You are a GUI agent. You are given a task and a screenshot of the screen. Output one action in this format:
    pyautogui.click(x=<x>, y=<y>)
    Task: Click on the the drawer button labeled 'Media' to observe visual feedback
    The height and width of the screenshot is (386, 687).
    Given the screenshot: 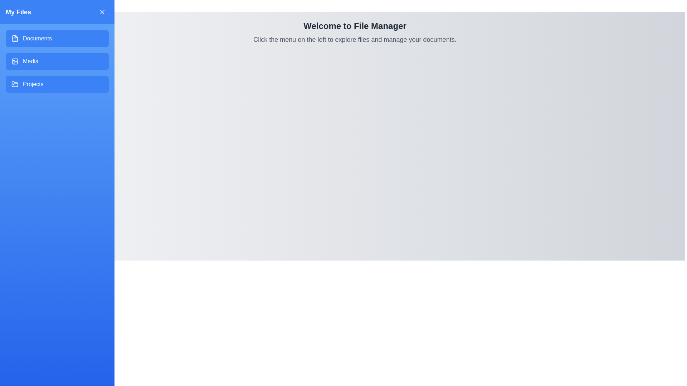 What is the action you would take?
    pyautogui.click(x=57, y=61)
    